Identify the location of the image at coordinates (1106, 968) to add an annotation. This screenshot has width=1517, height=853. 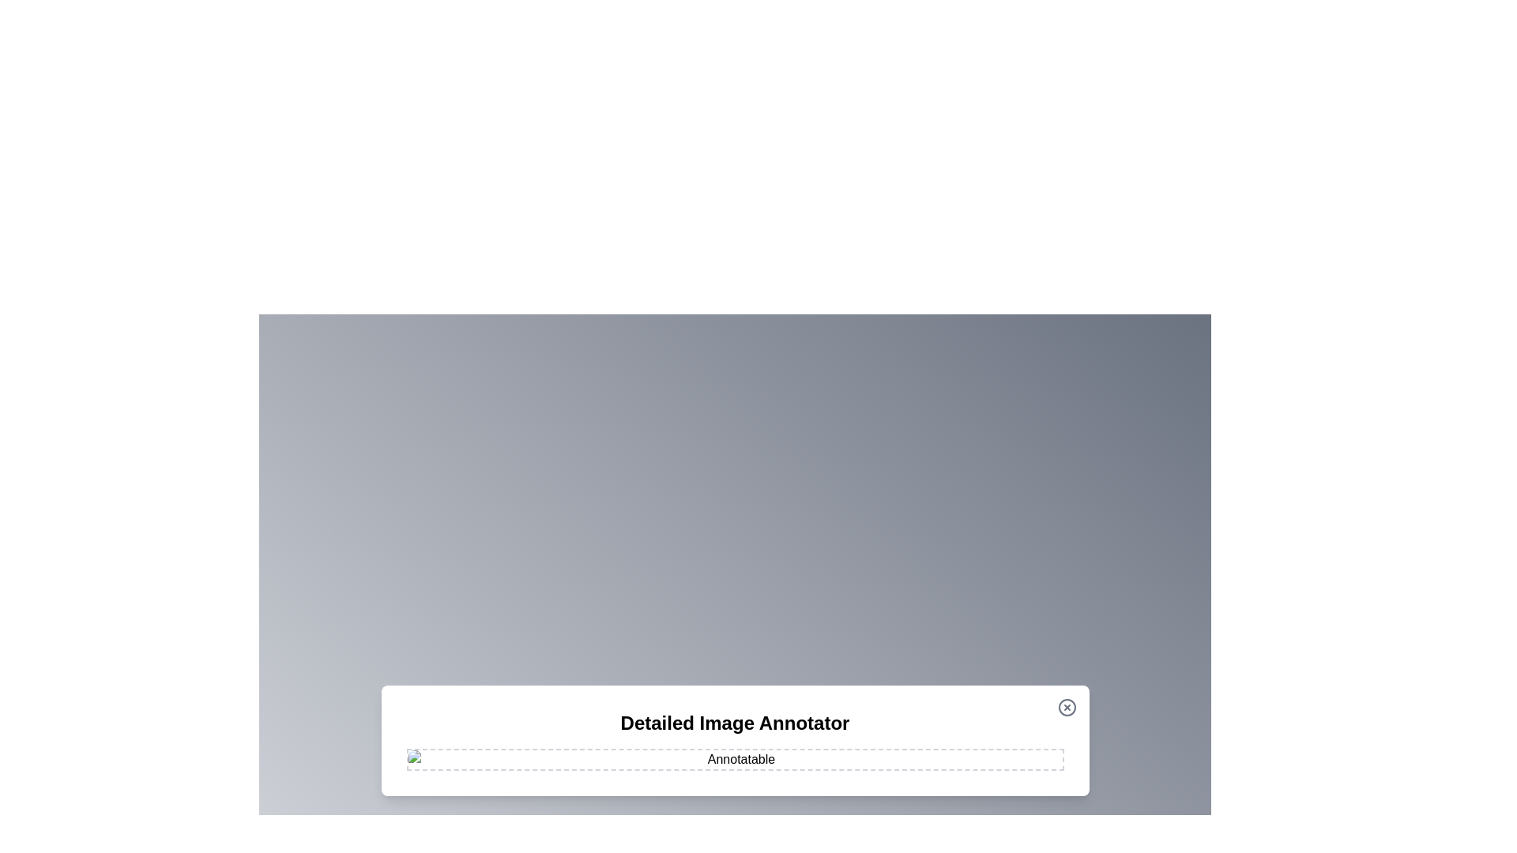
(872, 764).